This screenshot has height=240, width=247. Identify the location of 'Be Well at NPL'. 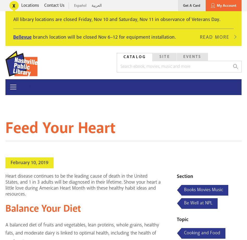
(198, 203).